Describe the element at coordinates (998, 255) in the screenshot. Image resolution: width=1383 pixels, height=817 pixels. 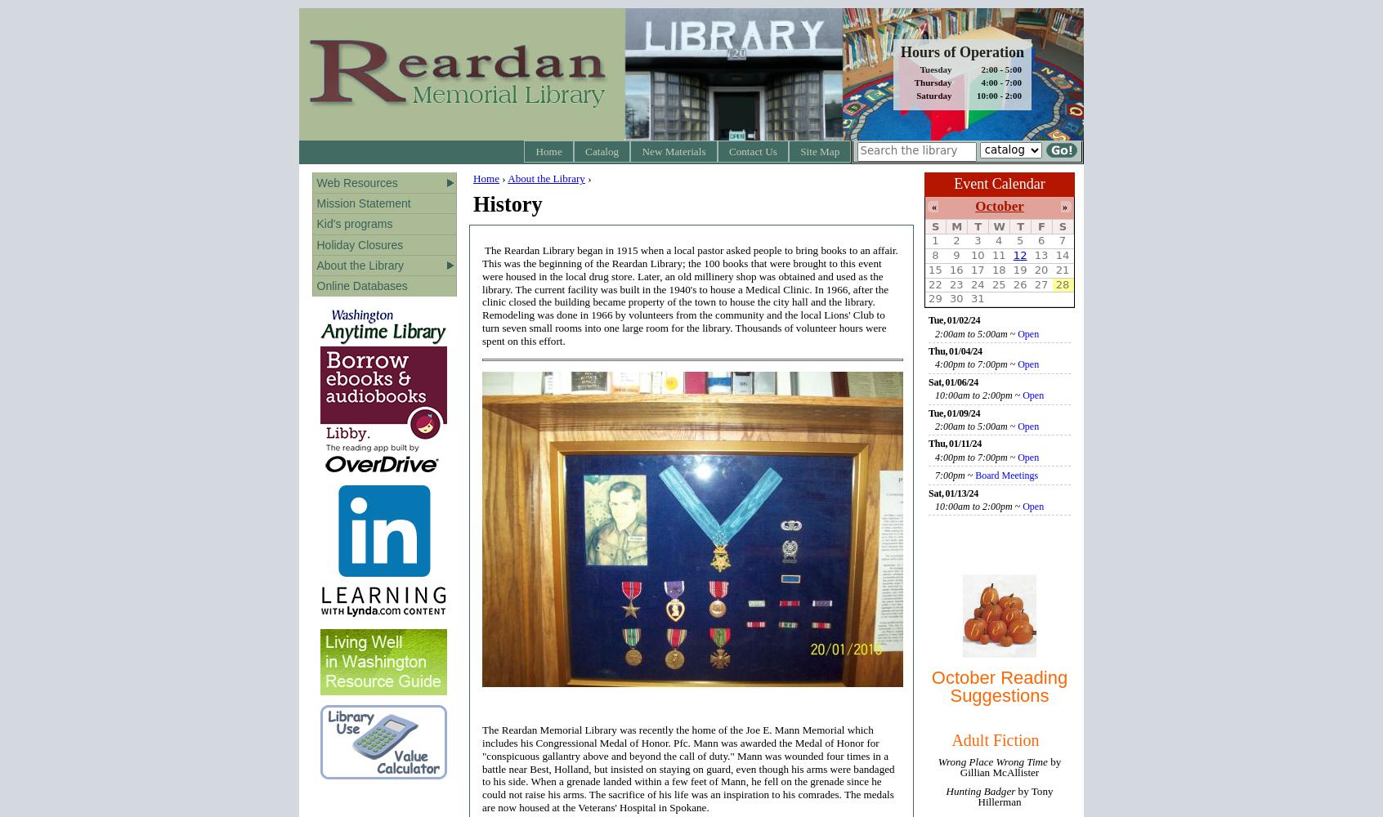
I see `'11'` at that location.